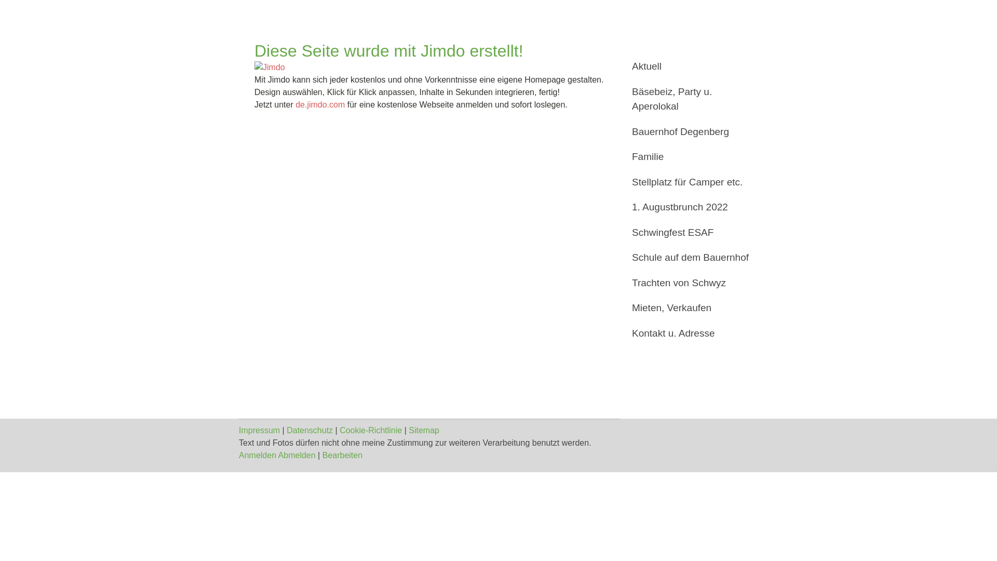 This screenshot has width=997, height=561. What do you see at coordinates (295, 104) in the screenshot?
I see `'de.jimdo.com'` at bounding box center [295, 104].